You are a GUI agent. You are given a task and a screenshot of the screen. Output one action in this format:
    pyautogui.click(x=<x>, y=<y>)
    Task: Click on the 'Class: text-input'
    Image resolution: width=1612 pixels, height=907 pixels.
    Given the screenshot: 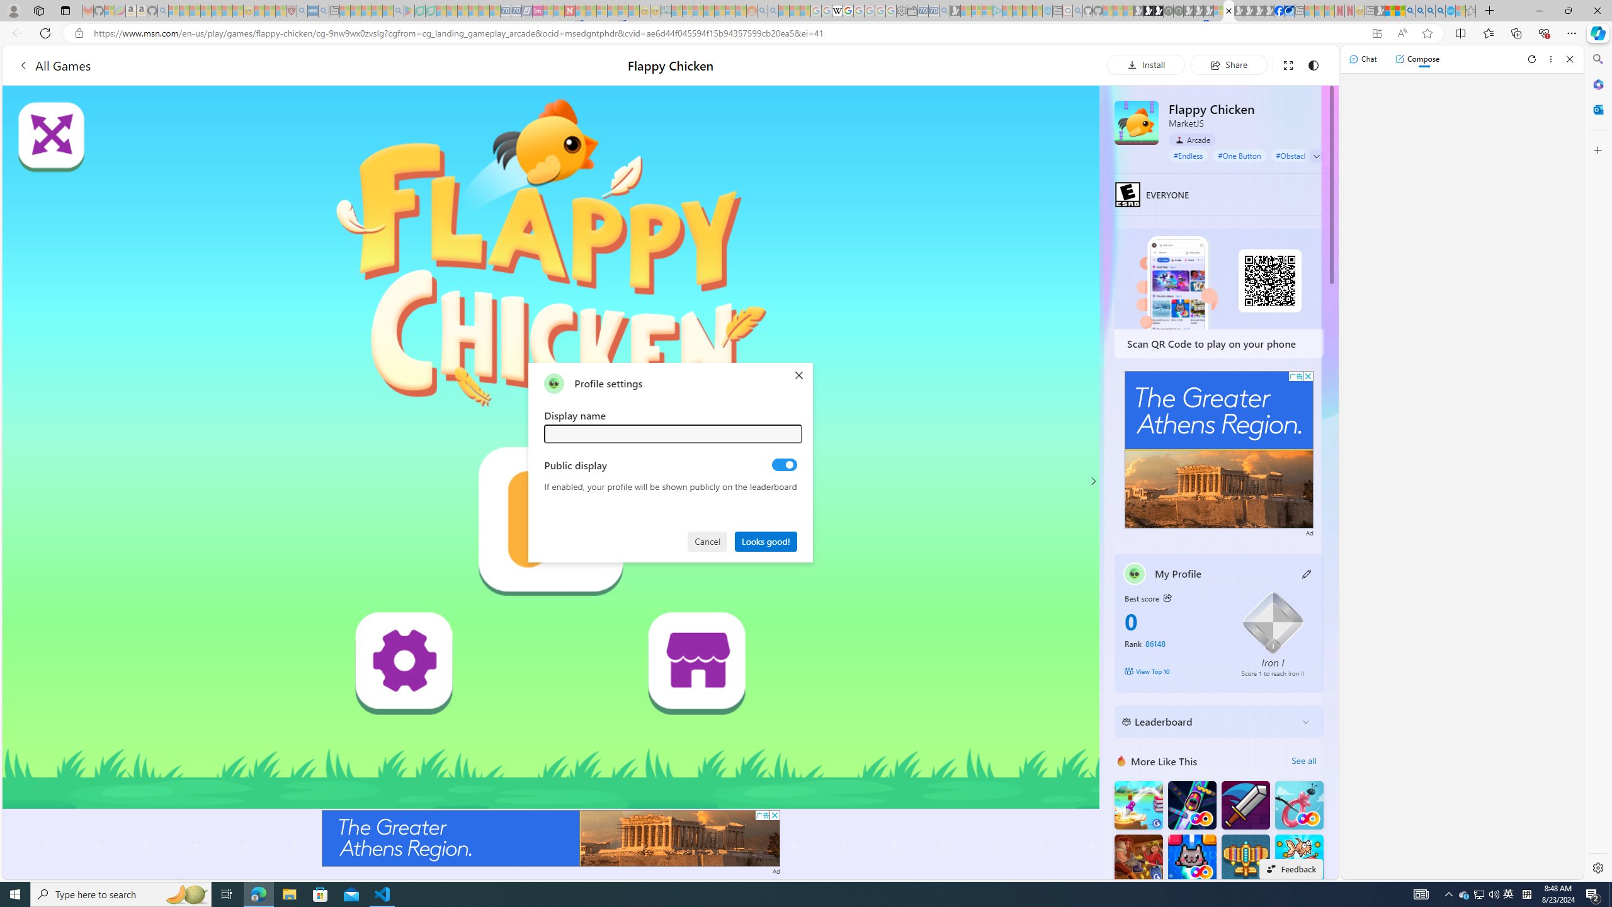 What is the action you would take?
    pyautogui.click(x=673, y=433)
    